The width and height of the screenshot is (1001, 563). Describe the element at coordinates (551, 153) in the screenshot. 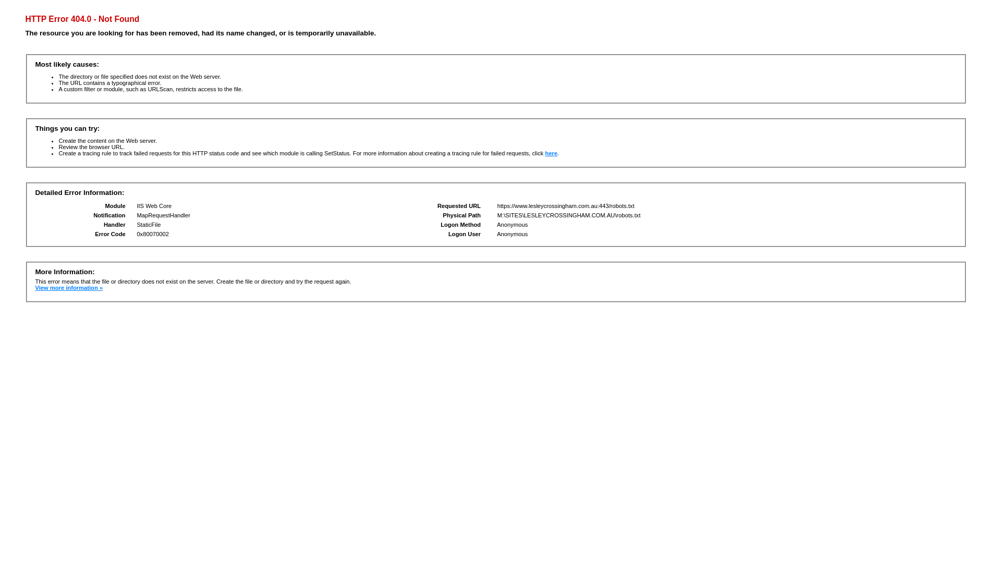

I see `'here'` at that location.